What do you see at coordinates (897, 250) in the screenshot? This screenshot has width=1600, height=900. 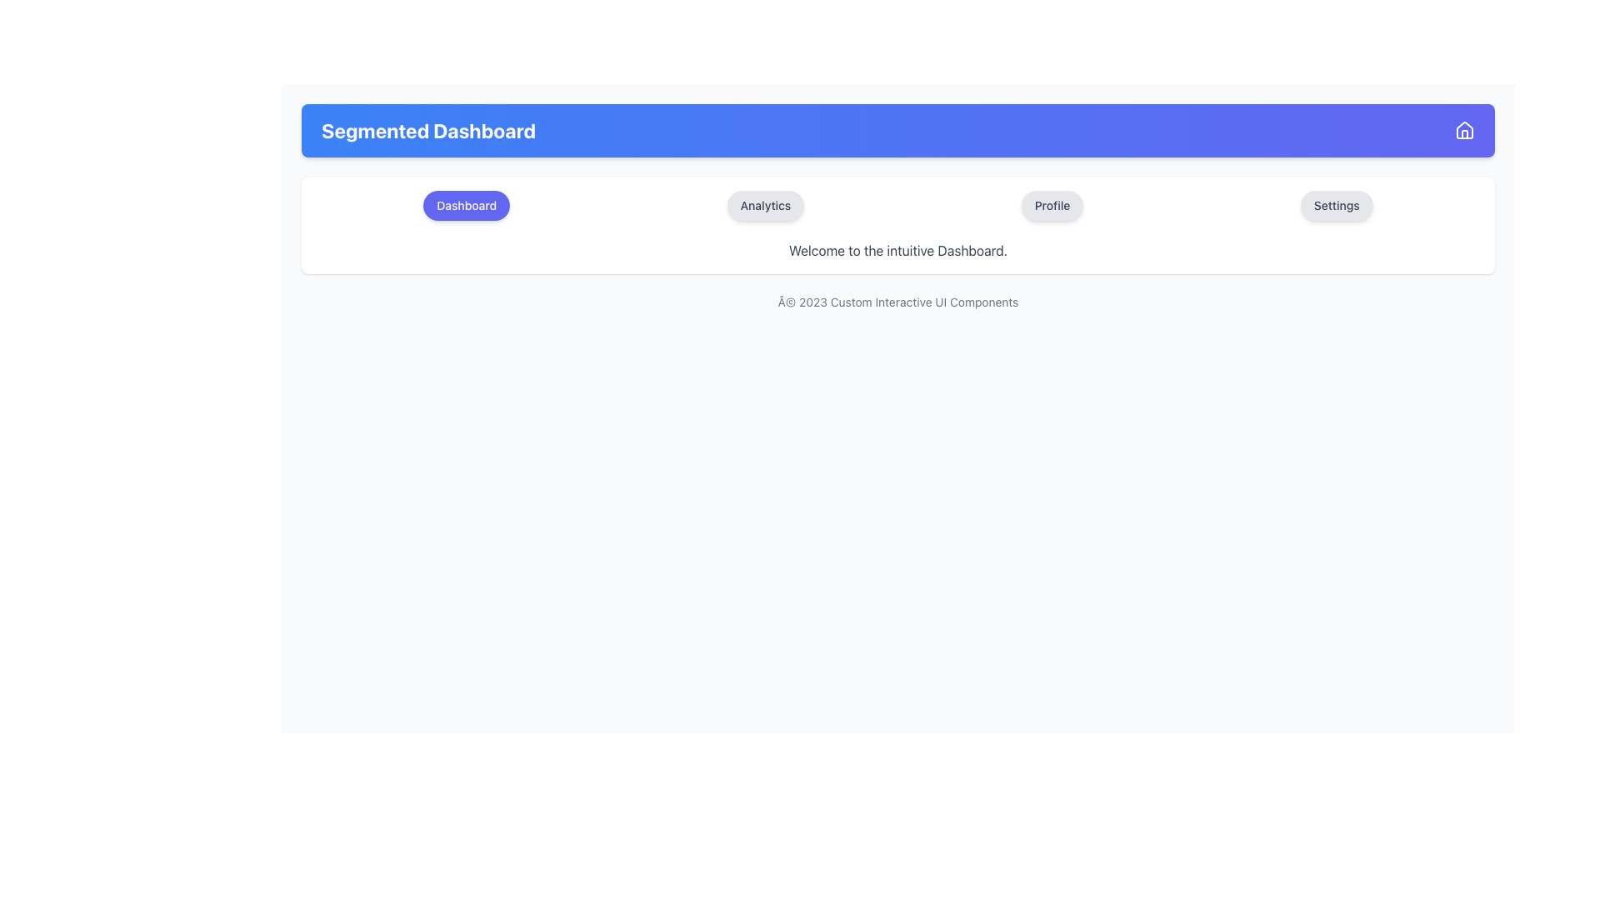 I see `the text element that states 'Welcome to the intuitive Dashboard.' located below the four round buttons labeled 'Dashboard,' 'Analytics,' 'Profile,' and 'Settings.'` at bounding box center [897, 250].